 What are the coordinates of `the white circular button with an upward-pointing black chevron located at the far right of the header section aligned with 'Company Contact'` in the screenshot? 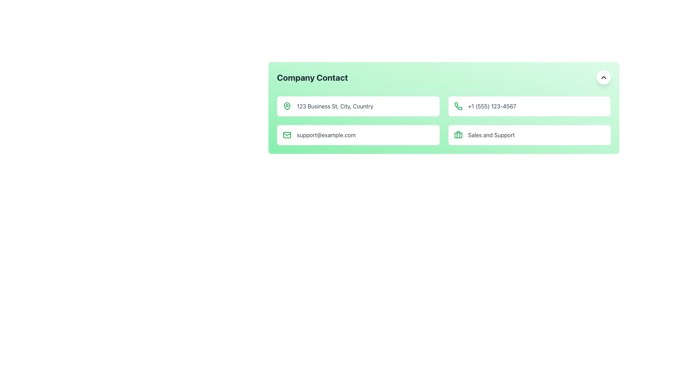 It's located at (603, 77).